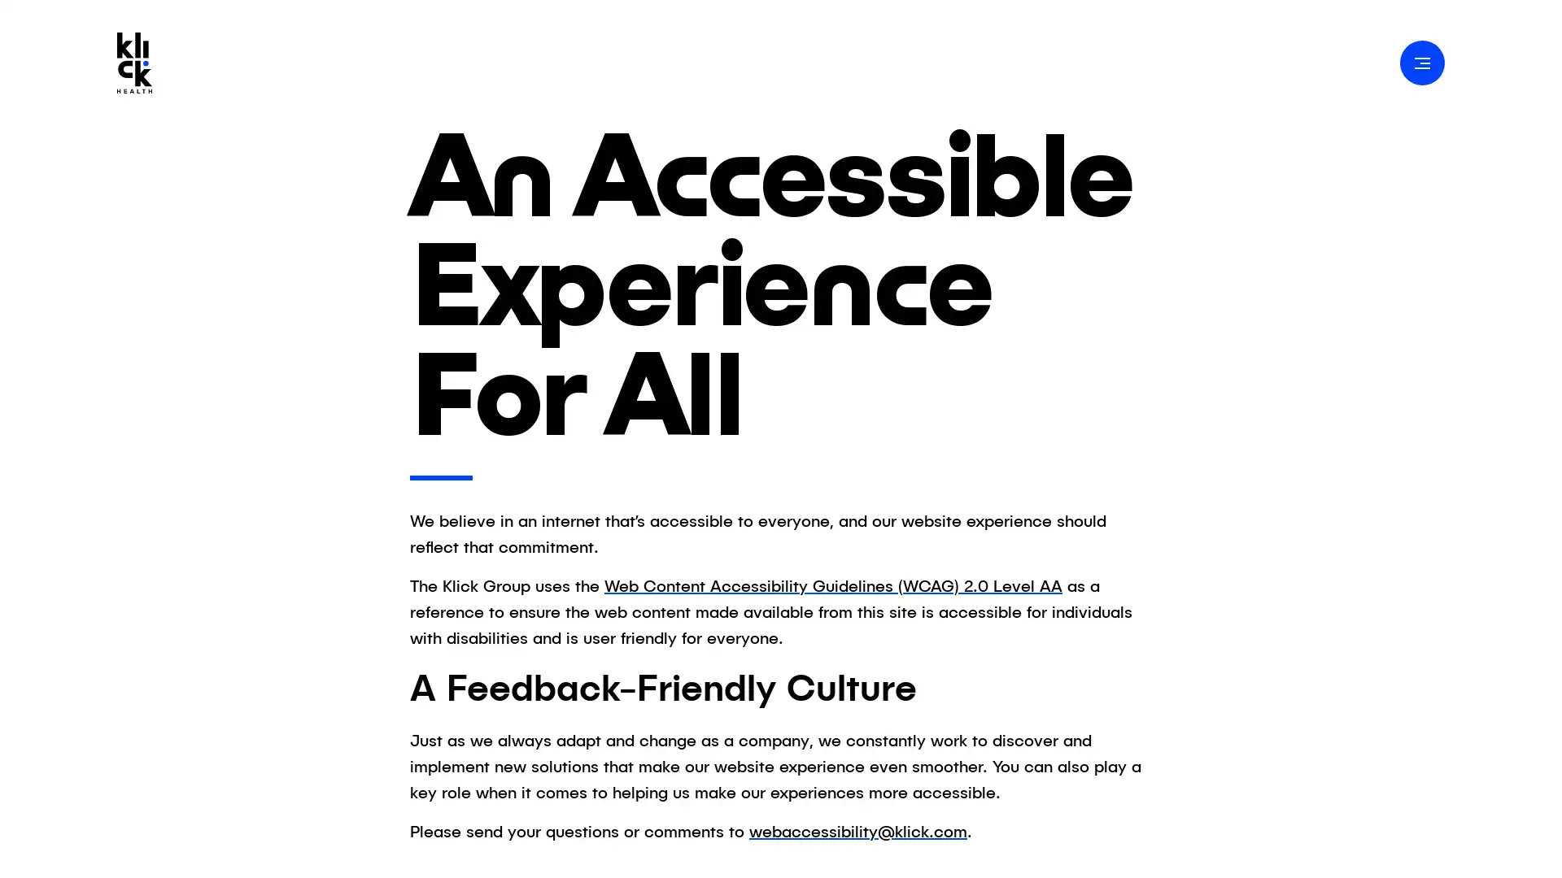 This screenshot has height=878, width=1562. What do you see at coordinates (1403, 845) in the screenshot?
I see `Accept` at bounding box center [1403, 845].